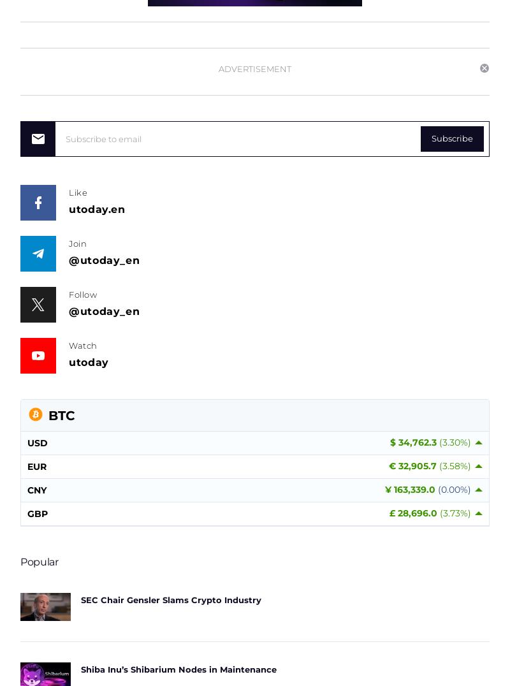 The image size is (510, 686). Describe the element at coordinates (36, 442) in the screenshot. I see `'USD'` at that location.